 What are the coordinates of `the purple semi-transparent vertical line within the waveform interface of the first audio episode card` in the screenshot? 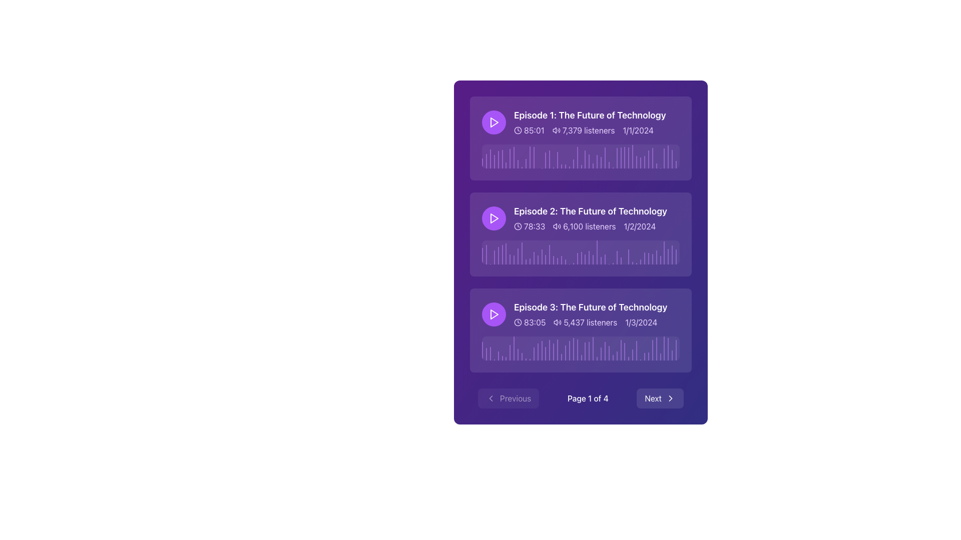 It's located at (636, 161).